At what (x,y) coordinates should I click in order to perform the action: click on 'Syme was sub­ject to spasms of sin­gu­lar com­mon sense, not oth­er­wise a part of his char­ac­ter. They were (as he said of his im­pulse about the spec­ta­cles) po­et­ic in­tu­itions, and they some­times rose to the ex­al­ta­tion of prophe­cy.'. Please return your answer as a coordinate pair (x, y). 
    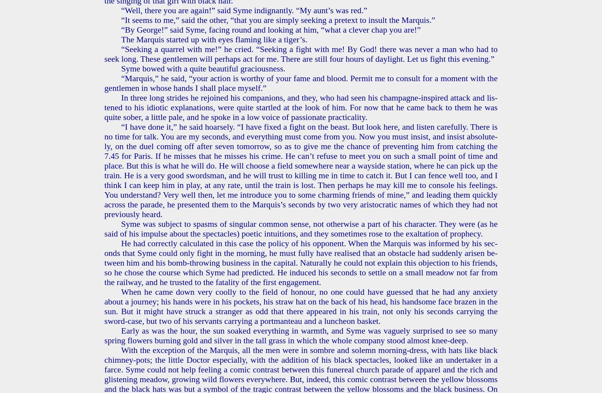
    Looking at the image, I should click on (104, 228).